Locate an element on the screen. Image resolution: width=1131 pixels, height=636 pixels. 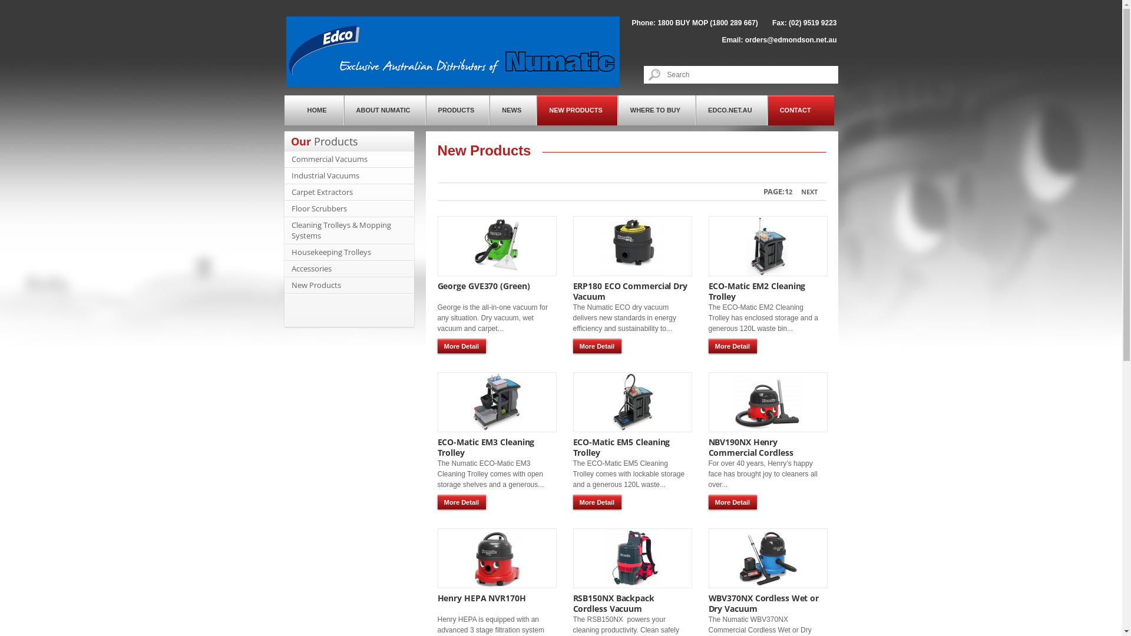
'Carpet Extractors' is located at coordinates (322, 191).